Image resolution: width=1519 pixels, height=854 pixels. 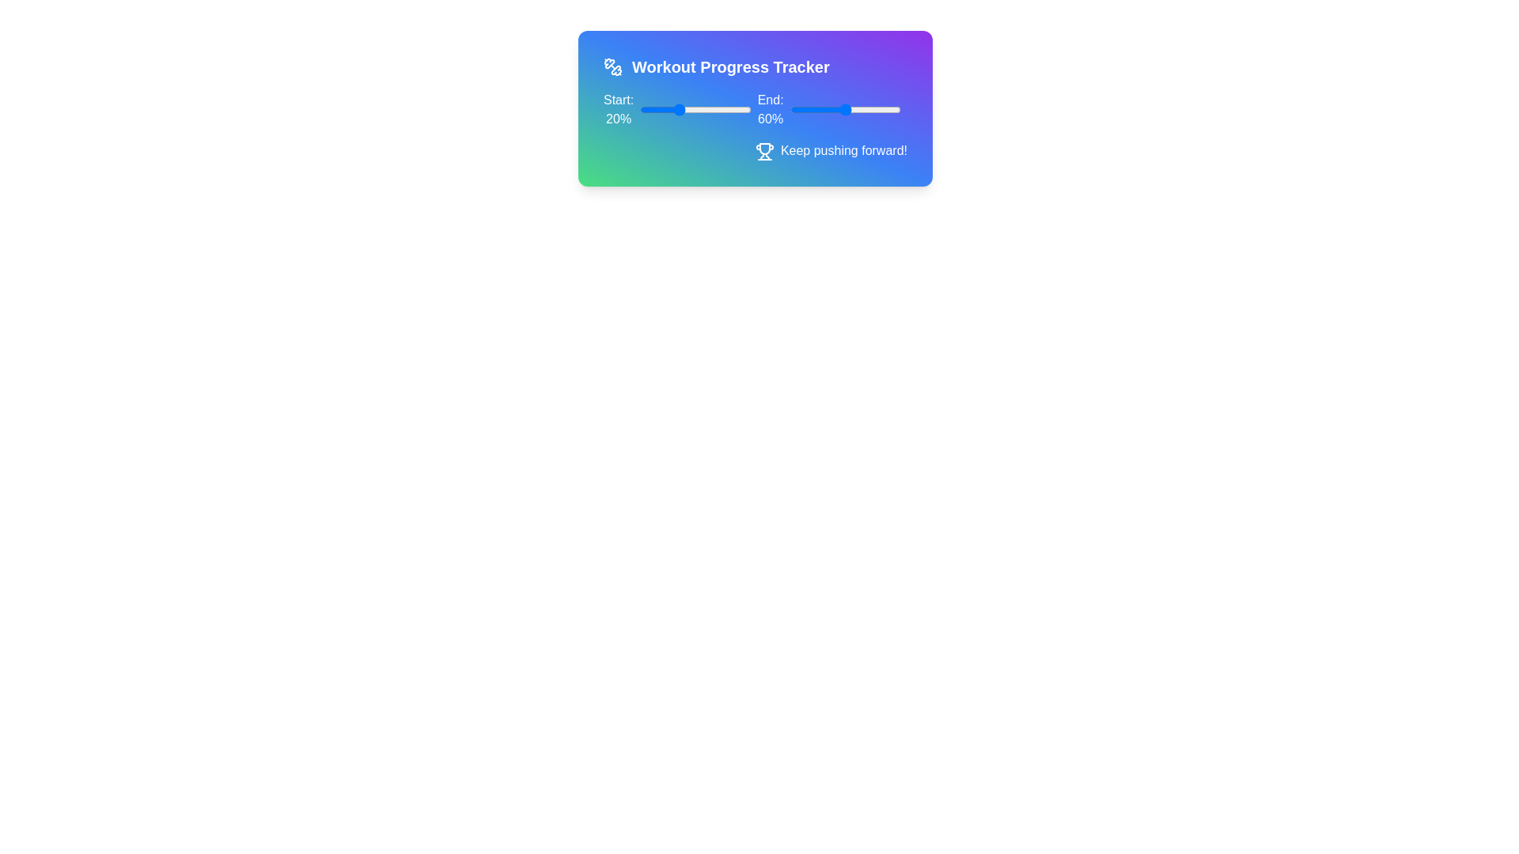 I want to click on the static text display showing 'End: 60%' which is centrally aligned and appears in white against a blue and purple gradient background, so click(x=771, y=108).